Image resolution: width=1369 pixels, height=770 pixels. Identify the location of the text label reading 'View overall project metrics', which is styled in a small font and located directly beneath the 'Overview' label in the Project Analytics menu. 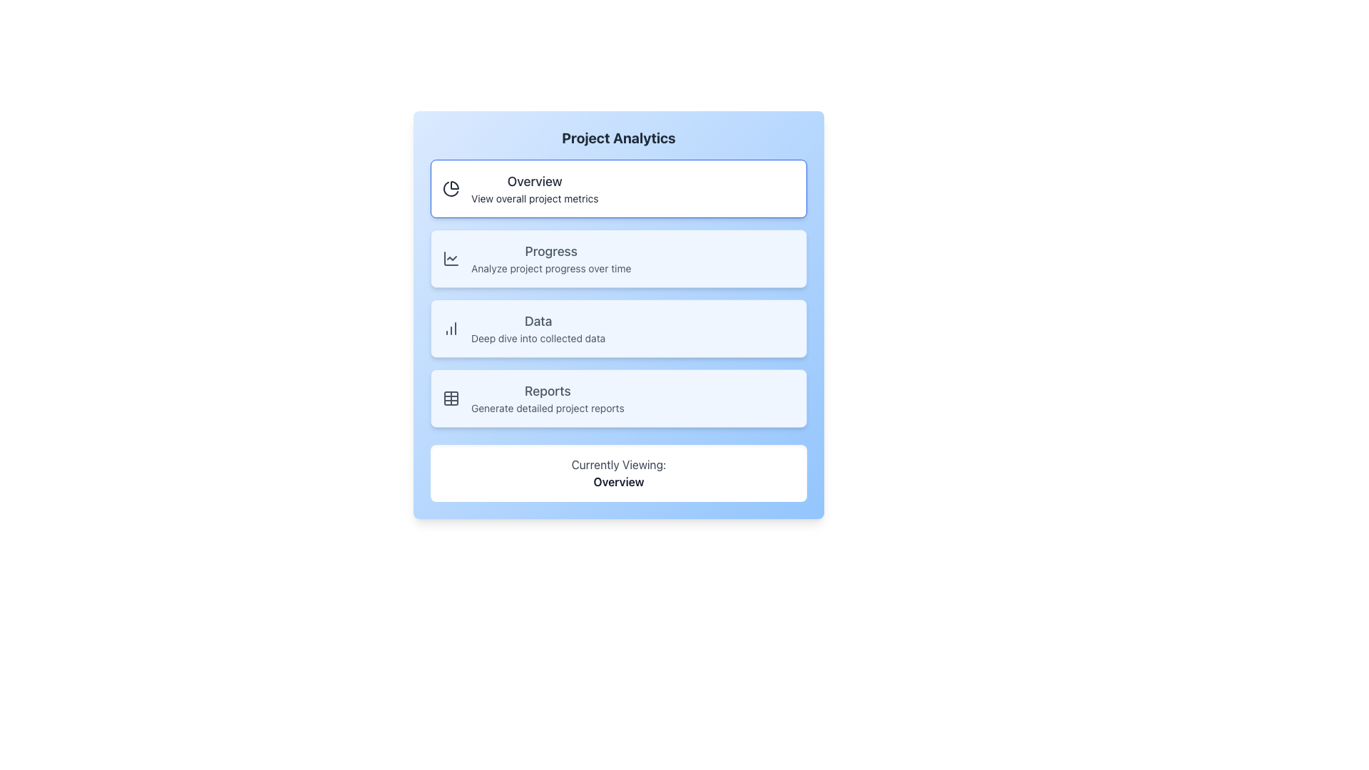
(534, 198).